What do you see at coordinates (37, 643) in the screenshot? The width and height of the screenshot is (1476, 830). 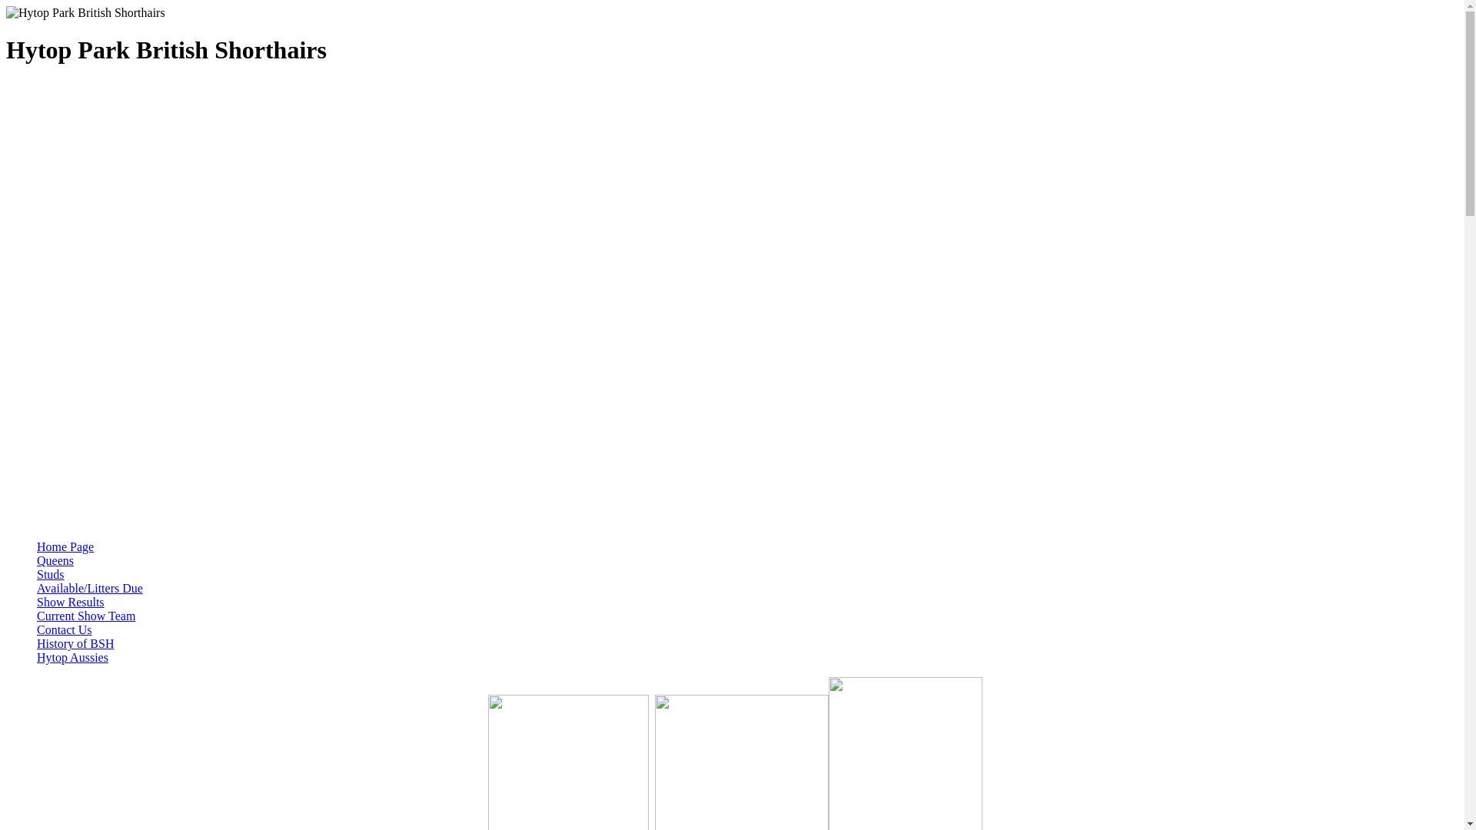 I see `'History of BSH'` at bounding box center [37, 643].